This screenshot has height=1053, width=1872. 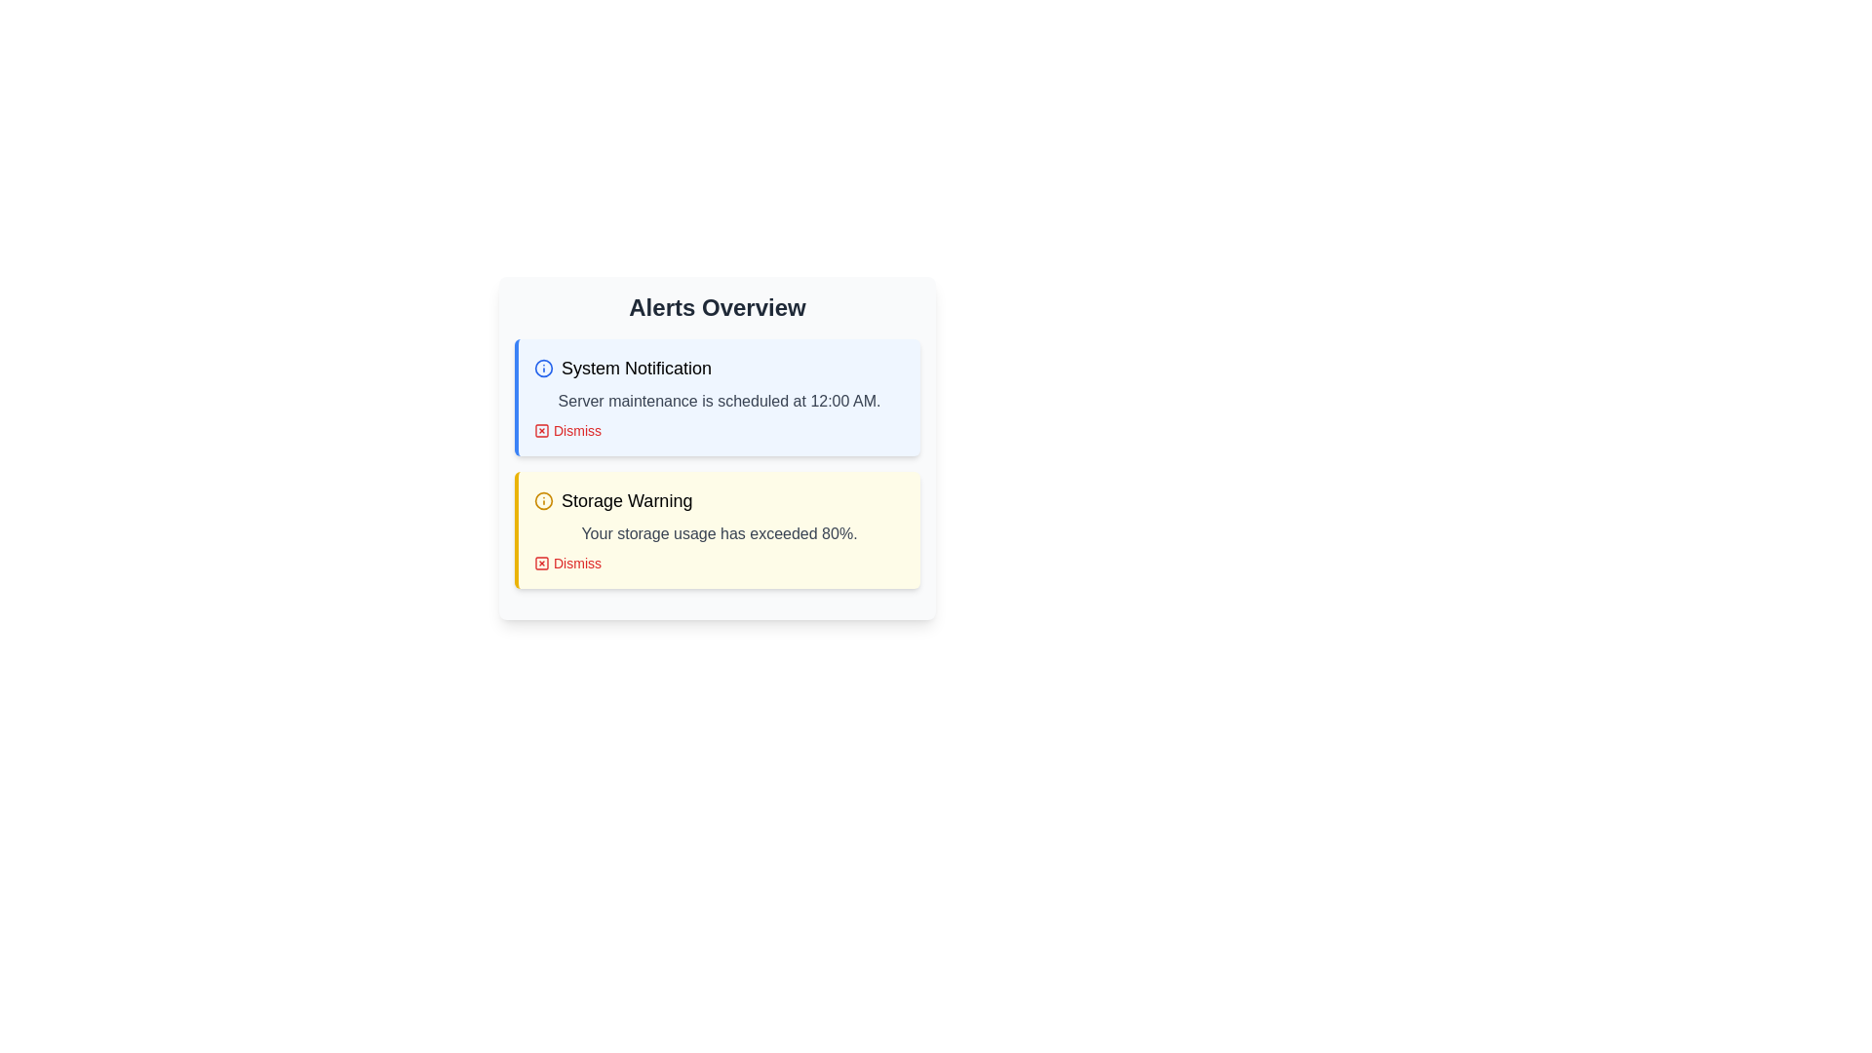 I want to click on the informational notification icon located to the left of the text 'System Notification' in the 'Alerts Overview' card, so click(x=543, y=369).